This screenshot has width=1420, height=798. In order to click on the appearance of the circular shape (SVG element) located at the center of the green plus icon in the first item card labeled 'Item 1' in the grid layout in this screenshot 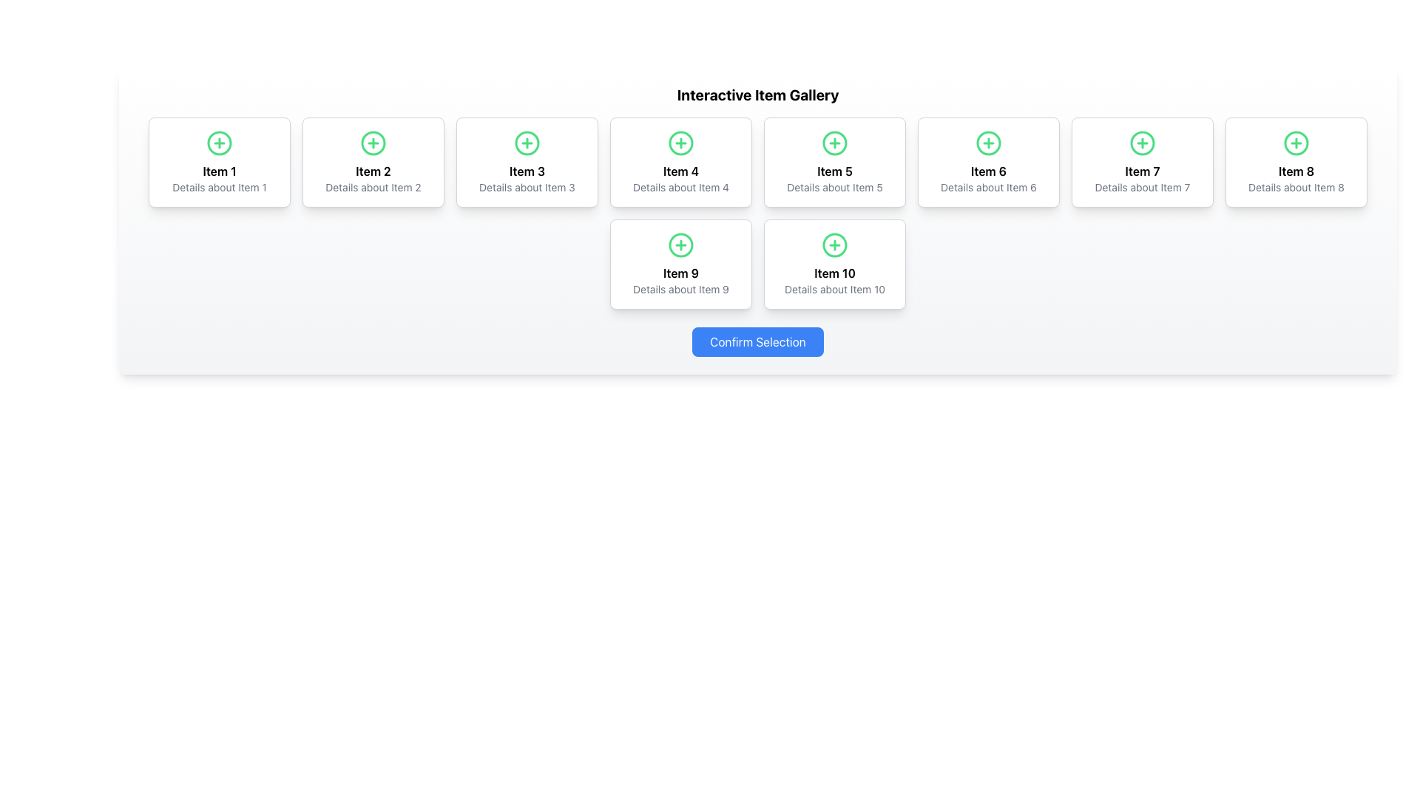, I will do `click(219, 143)`.